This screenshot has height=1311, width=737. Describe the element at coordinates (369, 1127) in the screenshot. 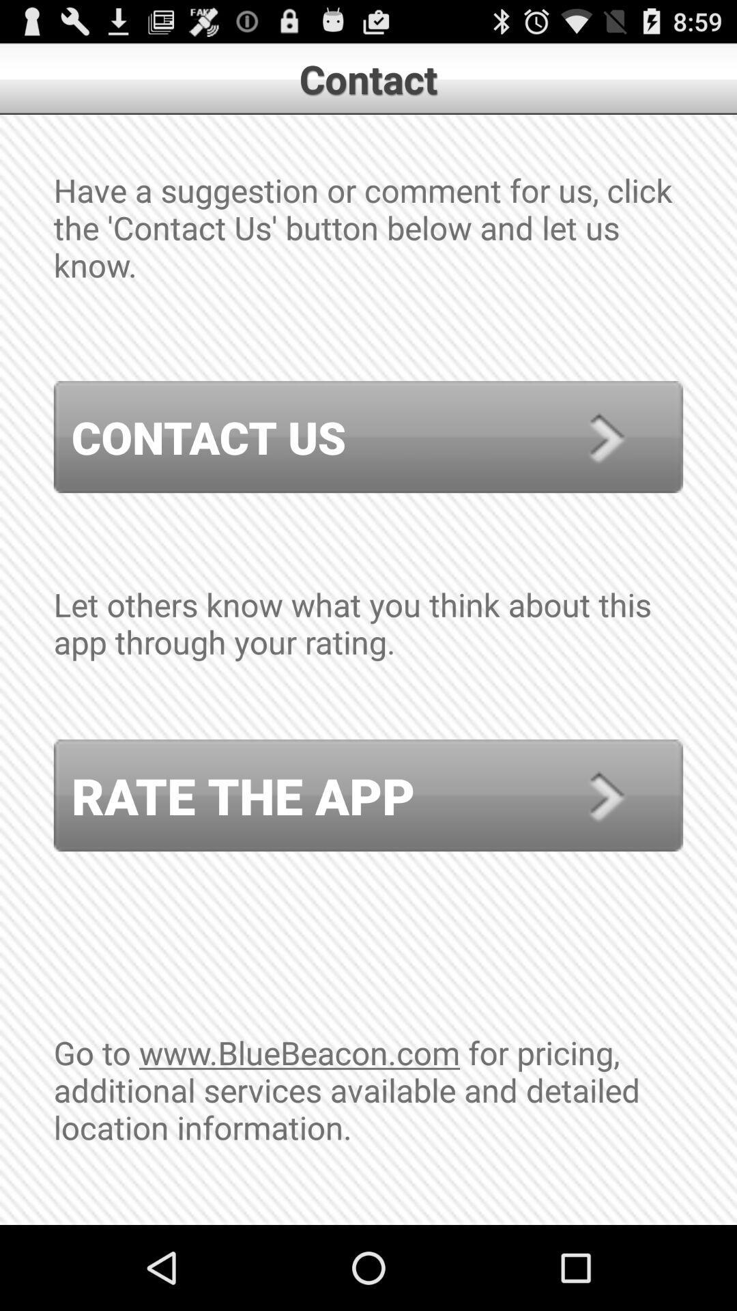

I see `the icon below rate the app` at that location.